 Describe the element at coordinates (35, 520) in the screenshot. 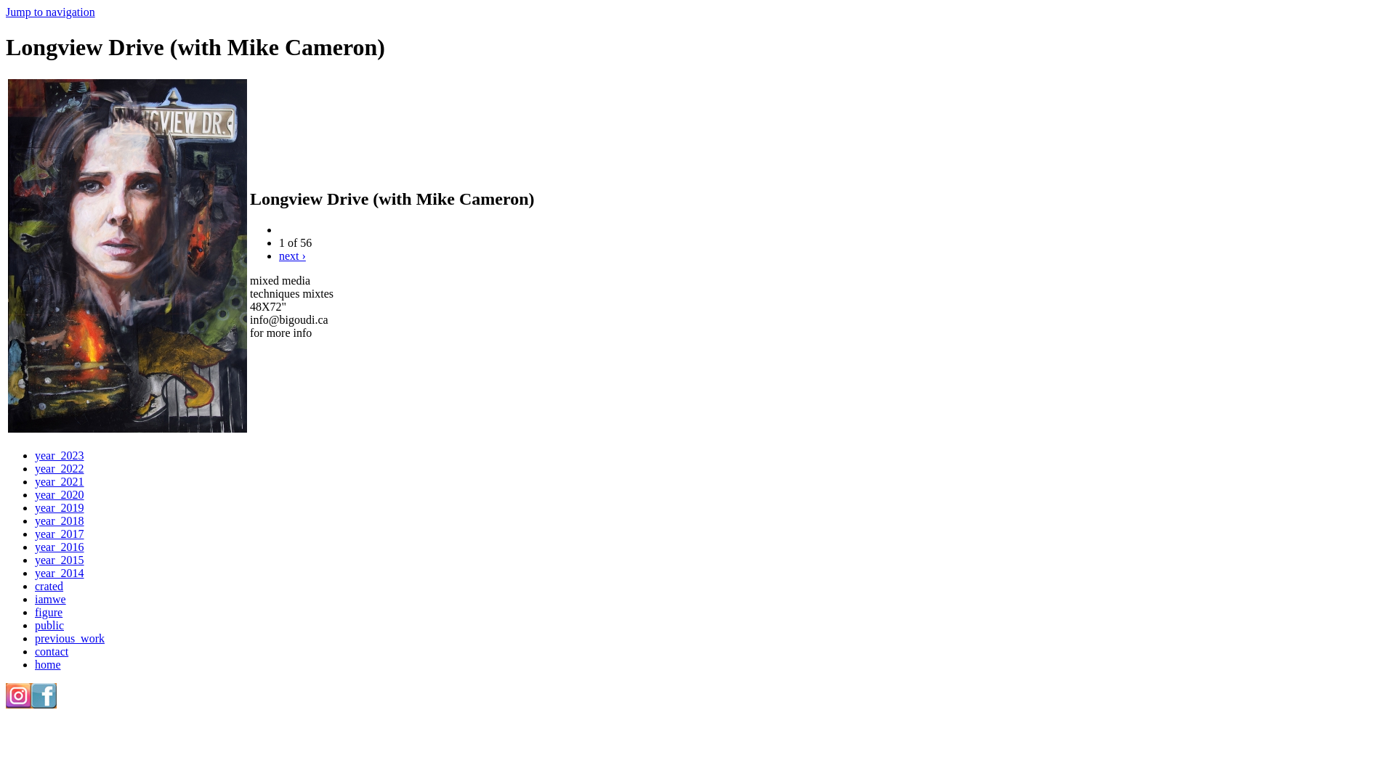

I see `'year_2018'` at that location.